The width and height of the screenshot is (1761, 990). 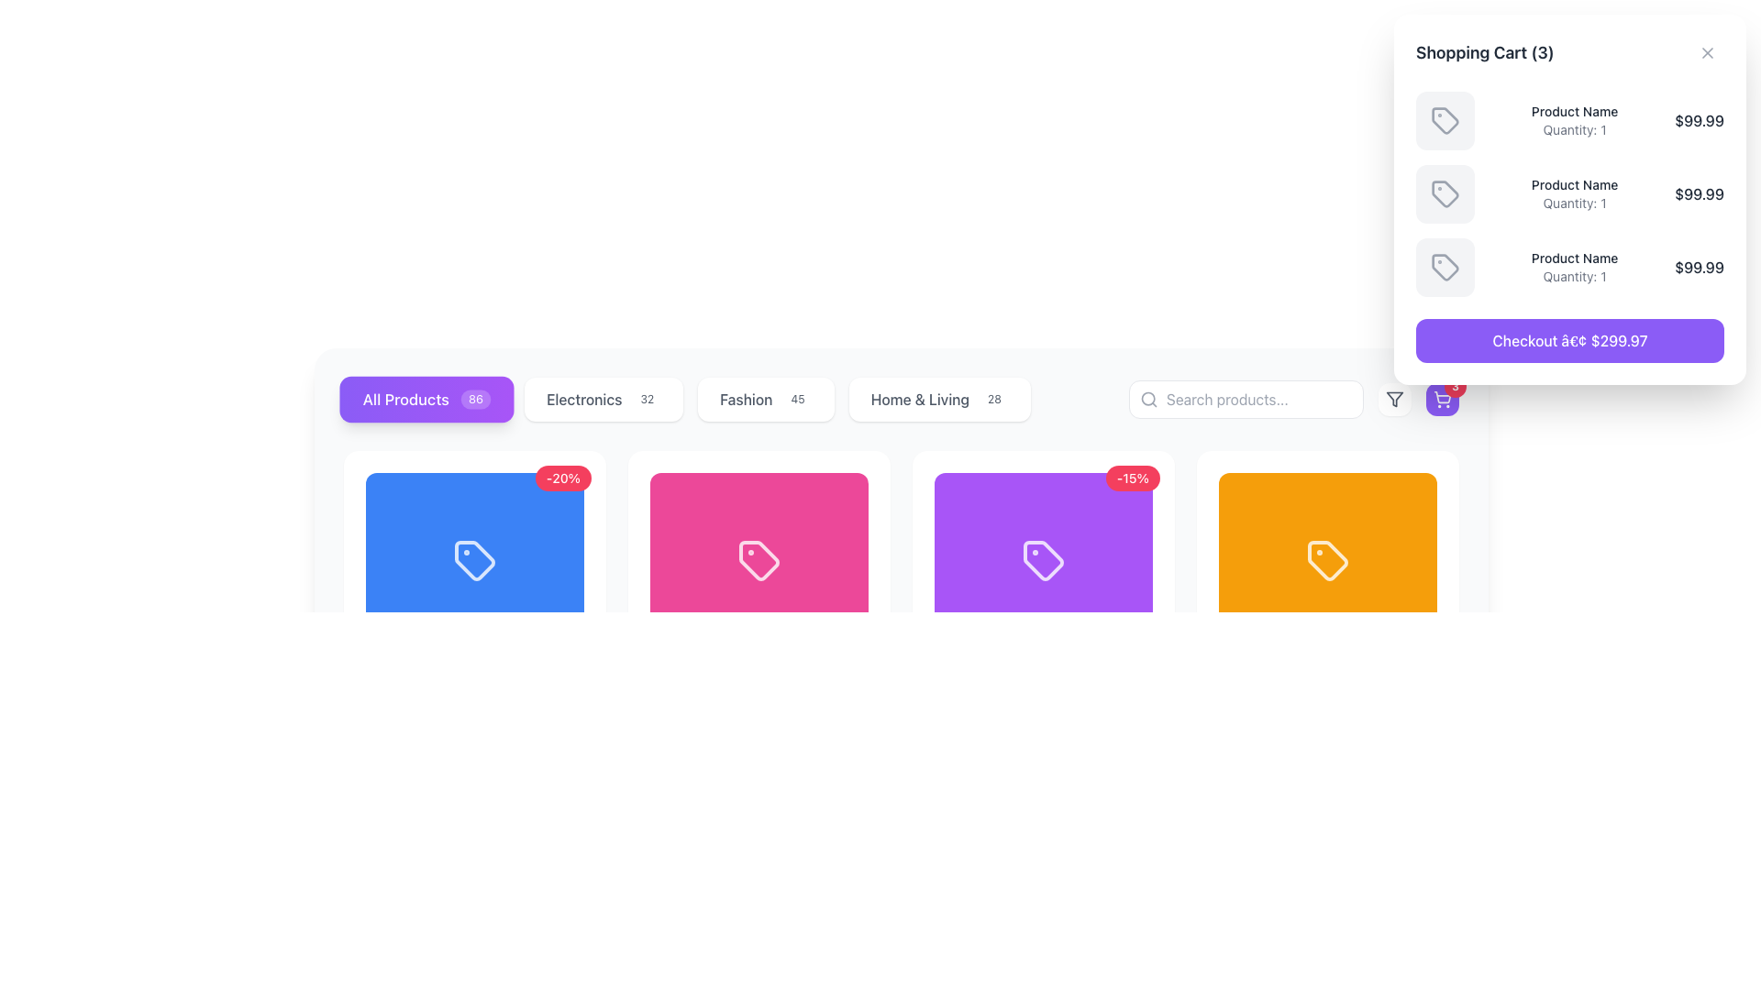 I want to click on the fourth product card in the product listing interface, which is positioned at the right end of the row, so click(x=1328, y=618).